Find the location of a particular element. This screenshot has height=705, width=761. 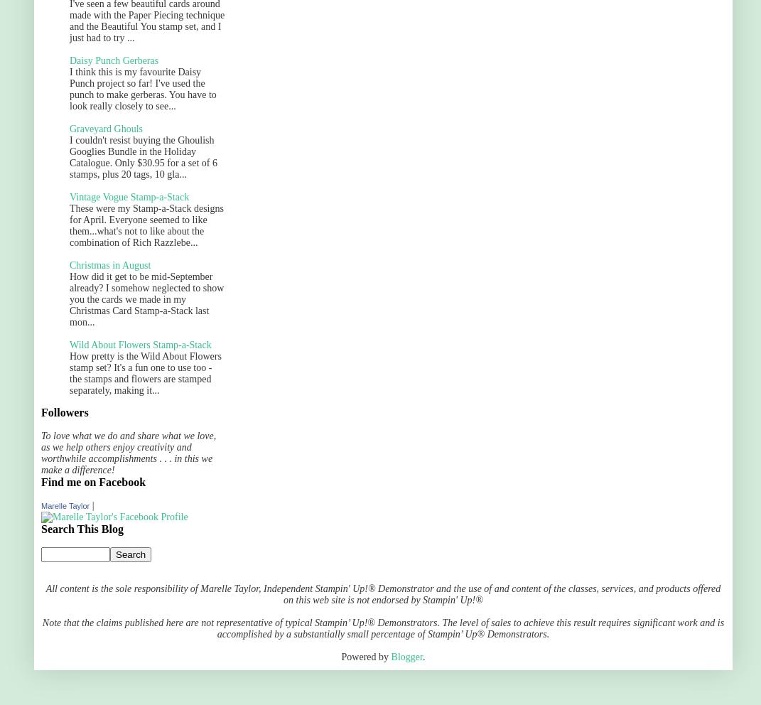

'These were my Stamp-a-Stack designs for April. Everyone seemed to like them...what's not to like about the combination of Rich Razzlebe...' is located at coordinates (69, 225).